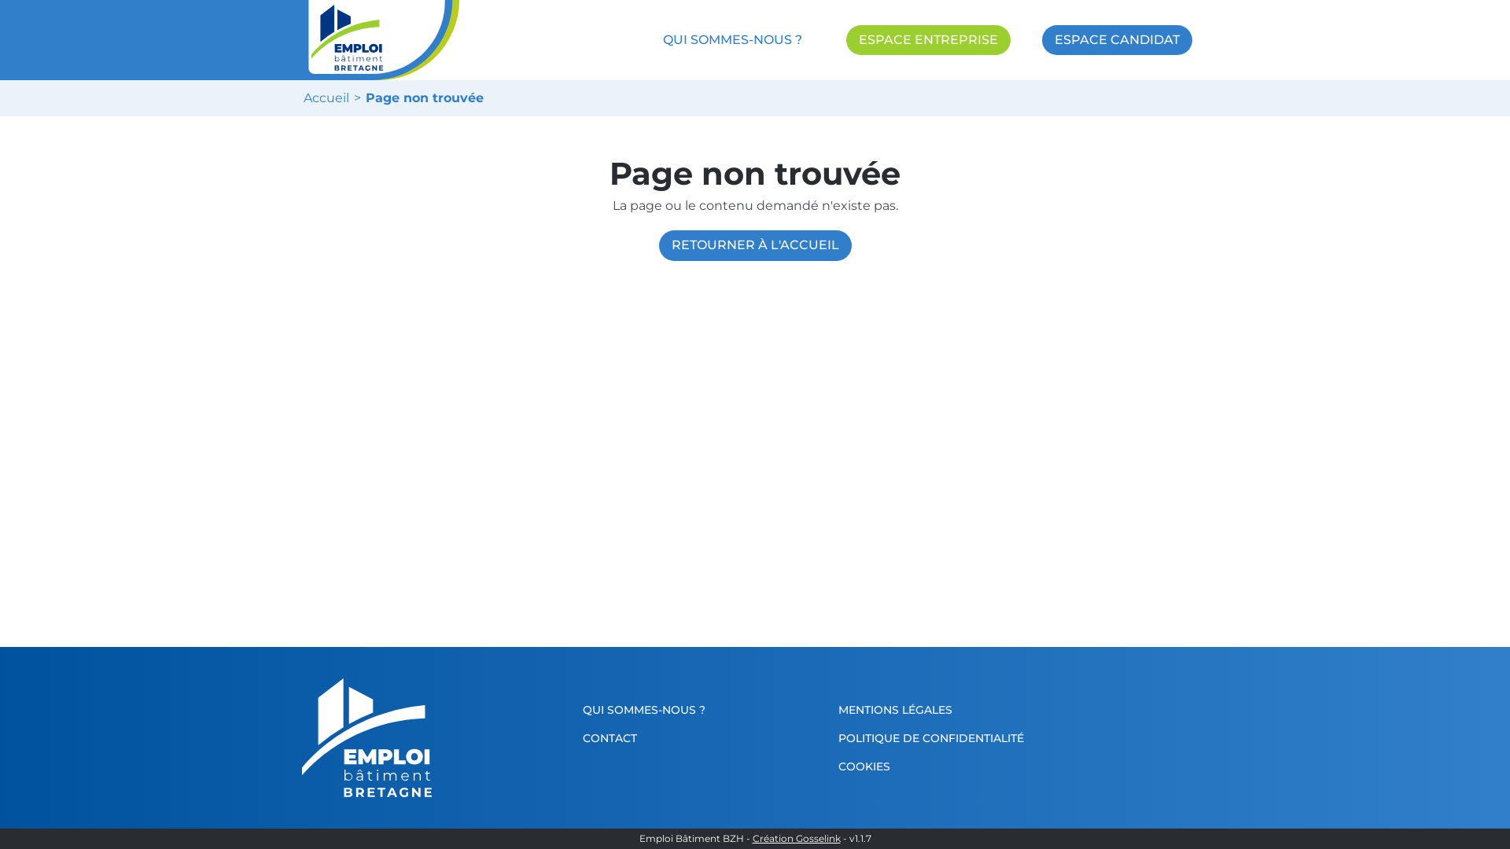 This screenshot has width=1510, height=849. Describe the element at coordinates (958, 766) in the screenshot. I see `'COOKIES'` at that location.